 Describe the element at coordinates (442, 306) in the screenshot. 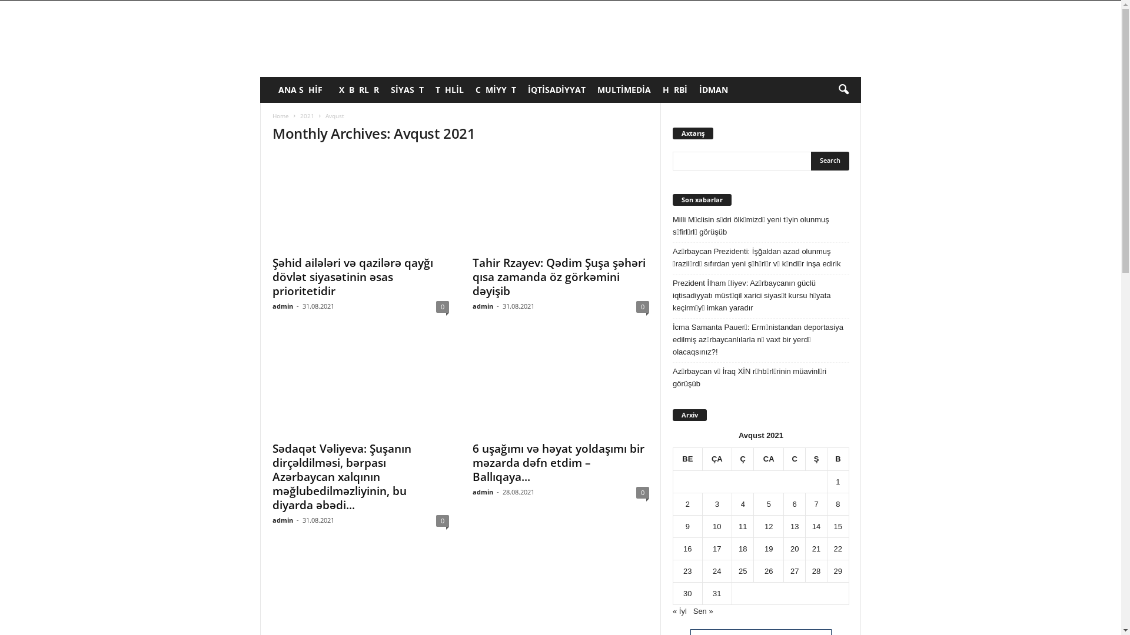

I see `'0'` at that location.